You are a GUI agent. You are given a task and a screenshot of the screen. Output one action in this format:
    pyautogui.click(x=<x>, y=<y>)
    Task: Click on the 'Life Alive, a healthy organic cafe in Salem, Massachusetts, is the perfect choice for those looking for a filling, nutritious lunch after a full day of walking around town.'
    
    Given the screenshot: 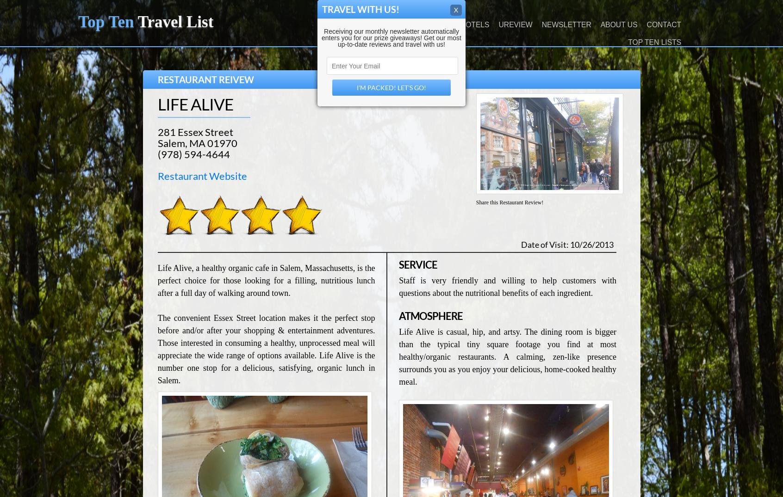 What is the action you would take?
    pyautogui.click(x=265, y=280)
    